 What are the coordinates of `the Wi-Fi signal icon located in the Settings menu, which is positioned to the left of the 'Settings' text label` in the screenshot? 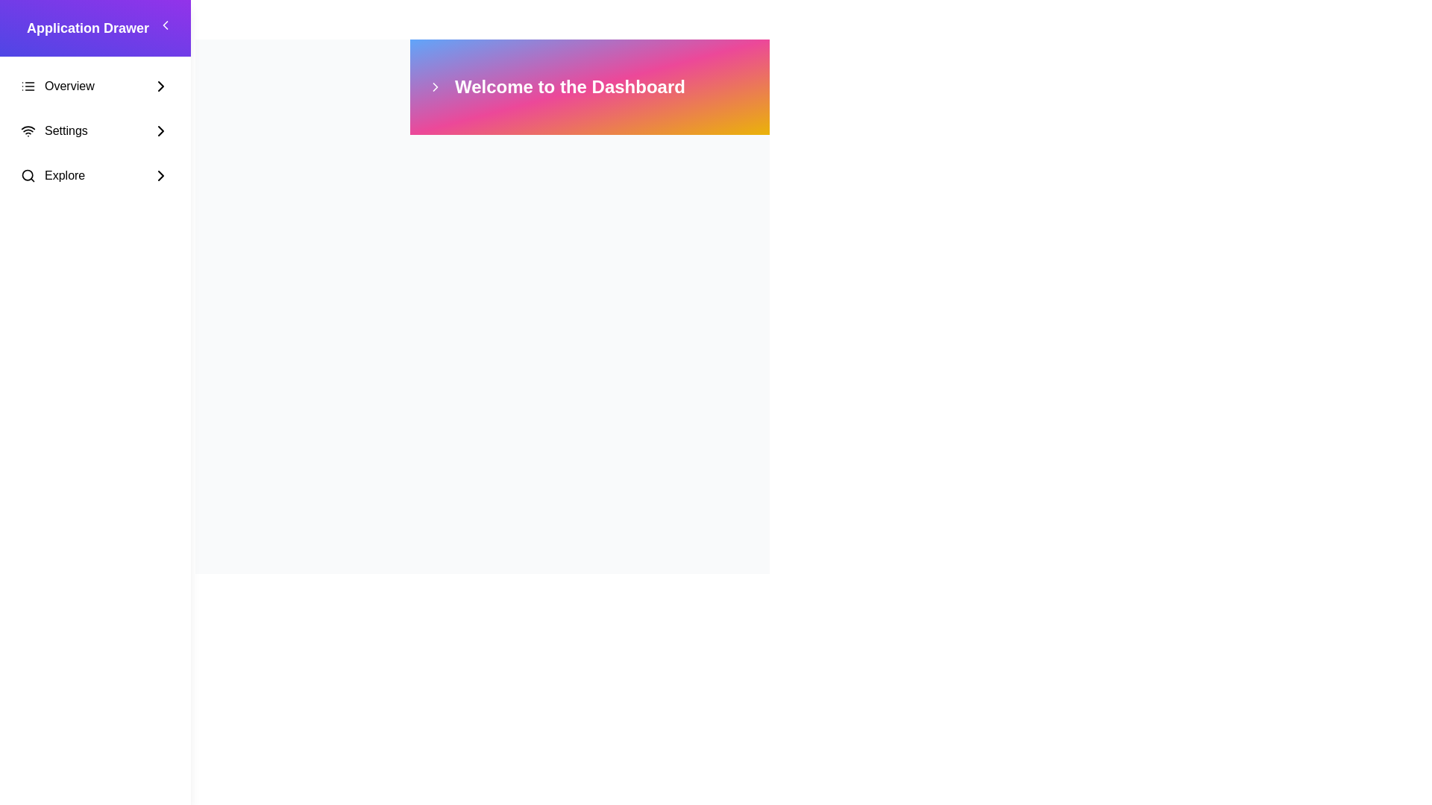 It's located at (28, 130).